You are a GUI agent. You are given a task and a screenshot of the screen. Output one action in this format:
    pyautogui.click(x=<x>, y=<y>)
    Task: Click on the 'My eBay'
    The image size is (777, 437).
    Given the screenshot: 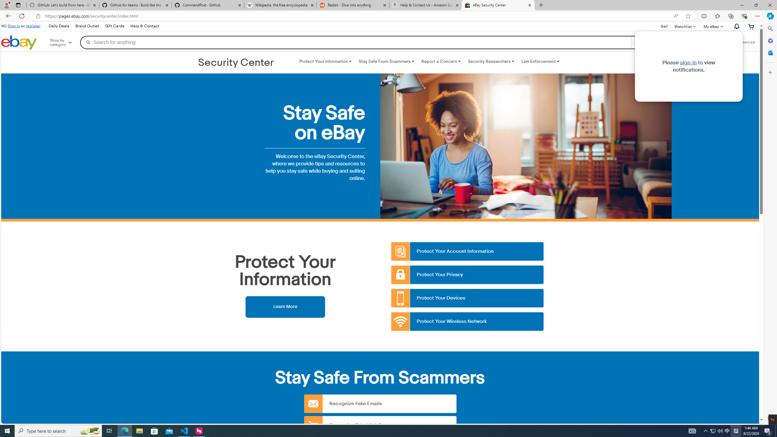 What is the action you would take?
    pyautogui.click(x=713, y=26)
    